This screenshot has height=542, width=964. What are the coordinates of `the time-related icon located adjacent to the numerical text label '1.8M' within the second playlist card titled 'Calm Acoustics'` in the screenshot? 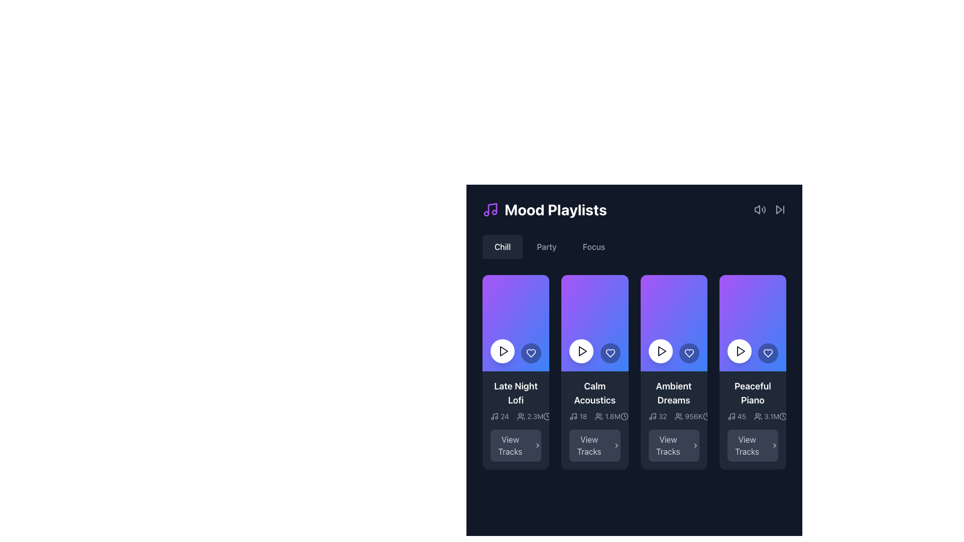 It's located at (624, 416).